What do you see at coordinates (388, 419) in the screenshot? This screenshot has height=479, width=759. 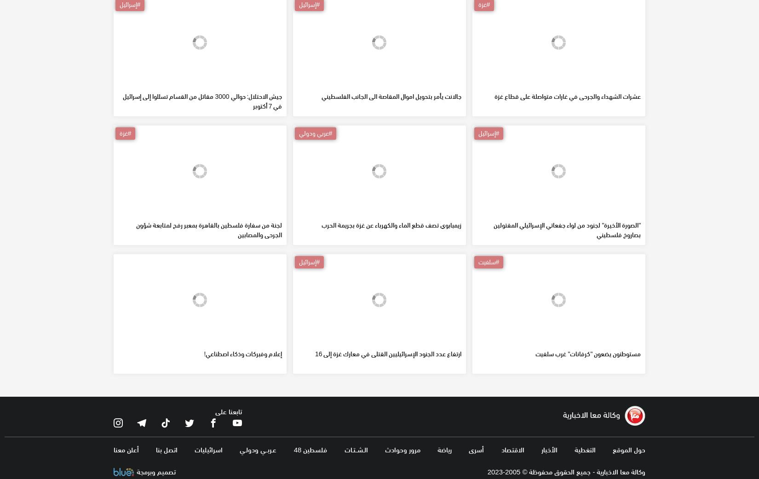 I see `'ارتفاع عدد الجنود الإسرائيليين القتلى في معارك غزة إلى 16'` at bounding box center [388, 419].